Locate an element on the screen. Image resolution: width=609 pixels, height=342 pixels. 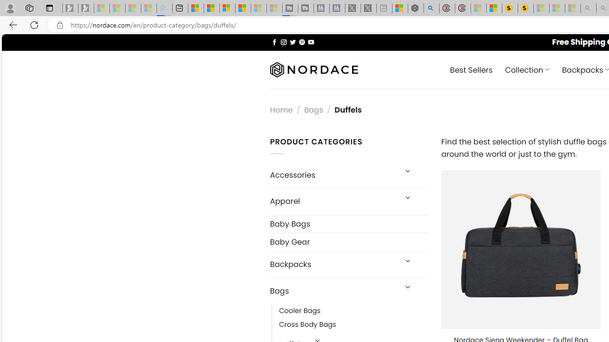
'Newsletter Sign Up - Sleeping' is located at coordinates (86, 8).